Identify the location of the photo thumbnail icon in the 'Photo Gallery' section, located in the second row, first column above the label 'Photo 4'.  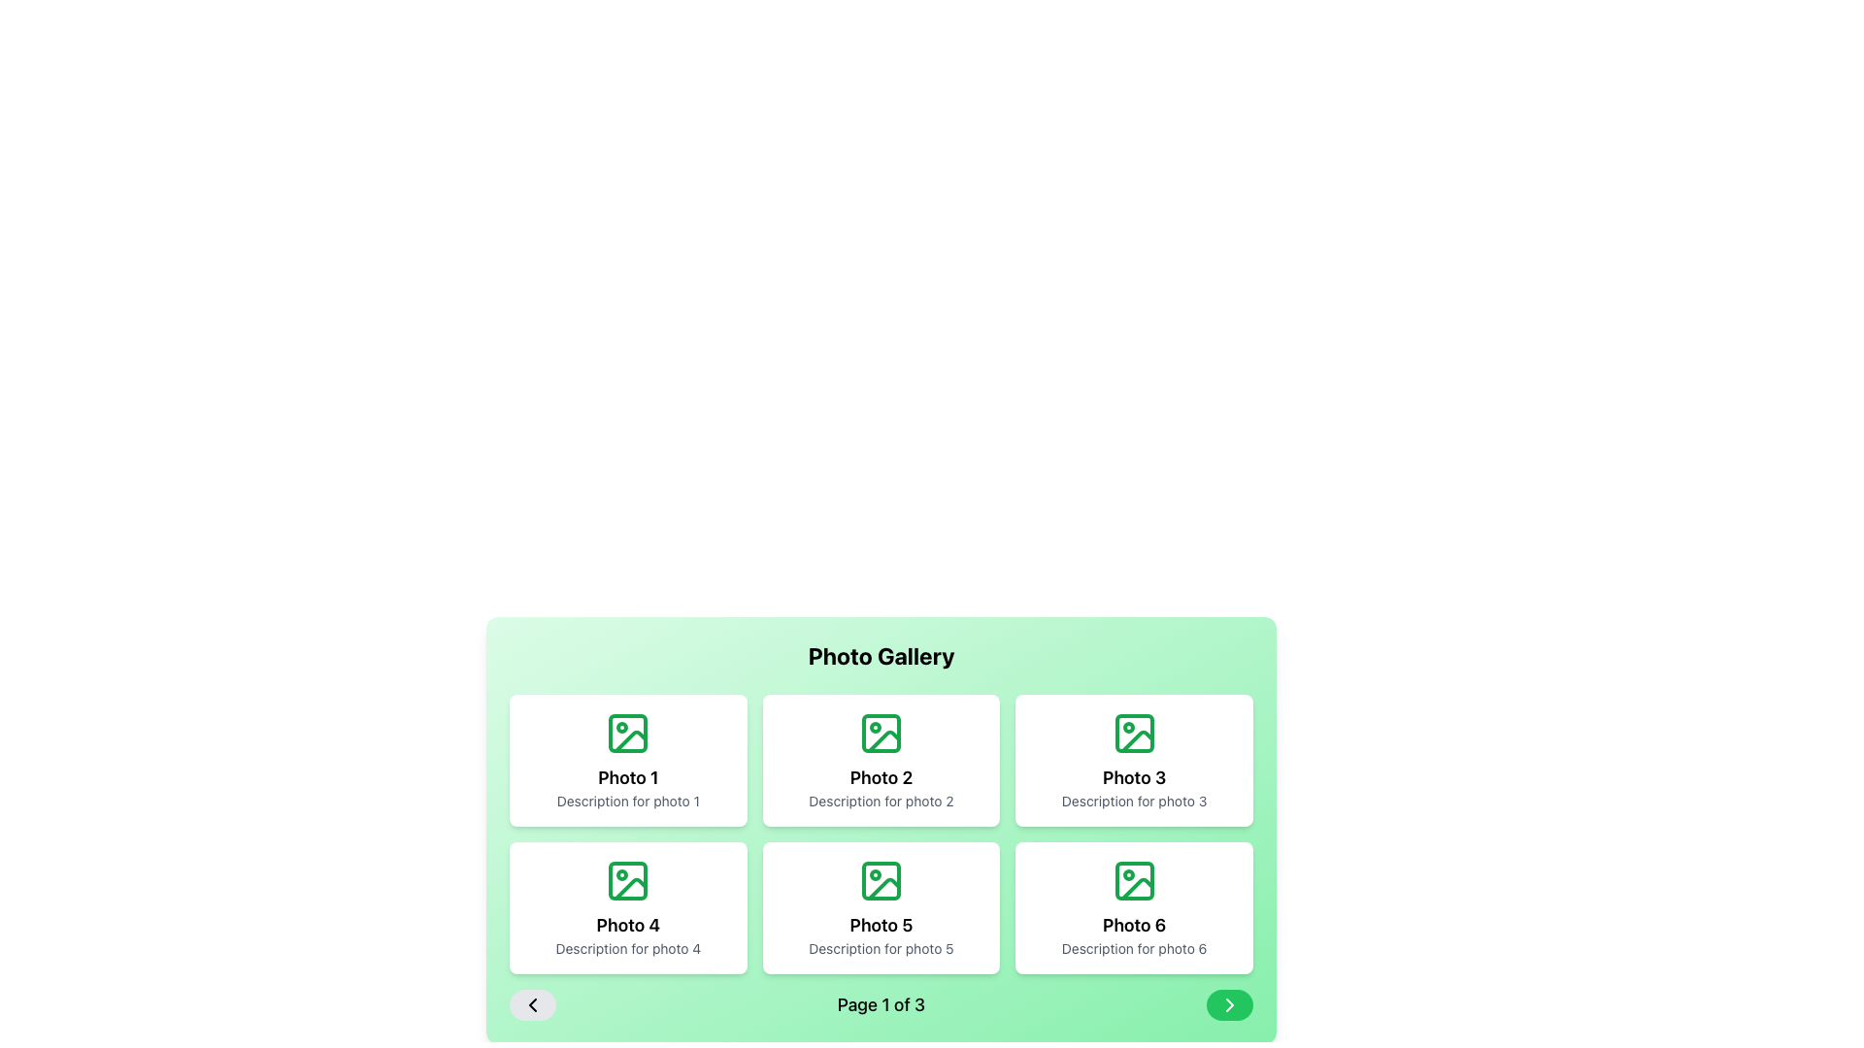
(628, 880).